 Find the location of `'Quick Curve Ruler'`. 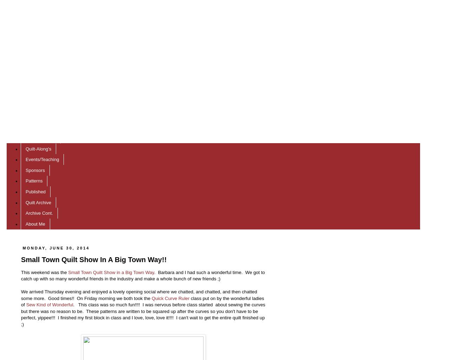

'Quick Curve Ruler' is located at coordinates (170, 298).